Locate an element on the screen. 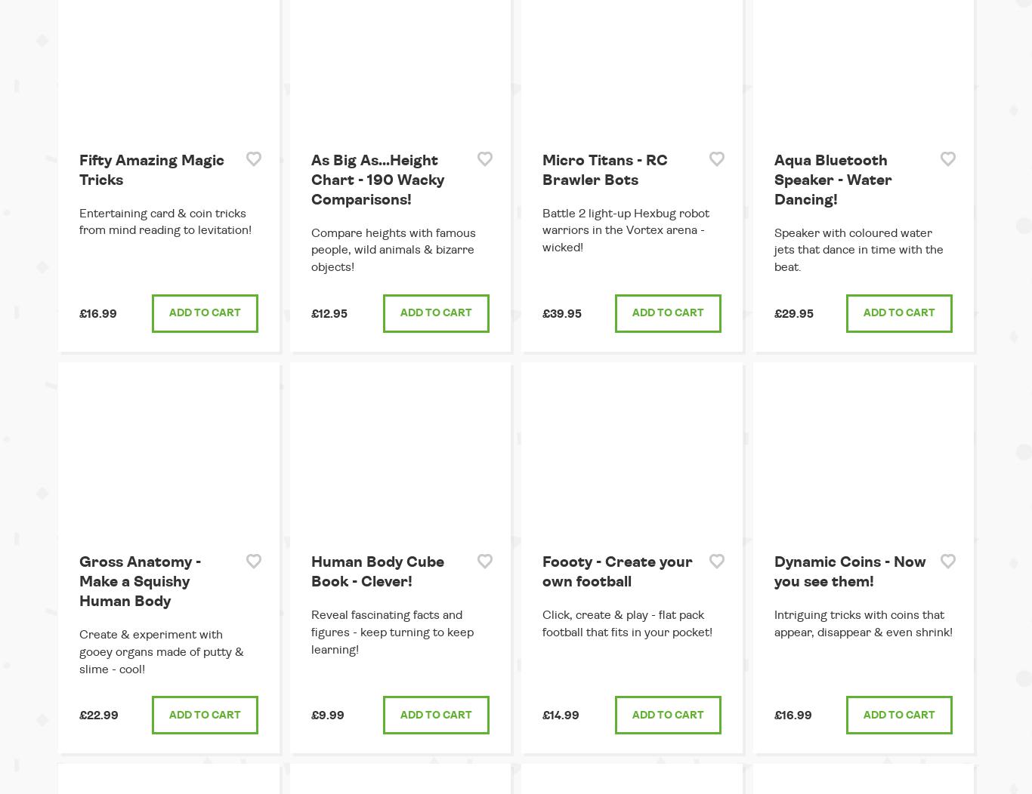 Image resolution: width=1032 pixels, height=794 pixels. '£14.99' is located at coordinates (561, 715).